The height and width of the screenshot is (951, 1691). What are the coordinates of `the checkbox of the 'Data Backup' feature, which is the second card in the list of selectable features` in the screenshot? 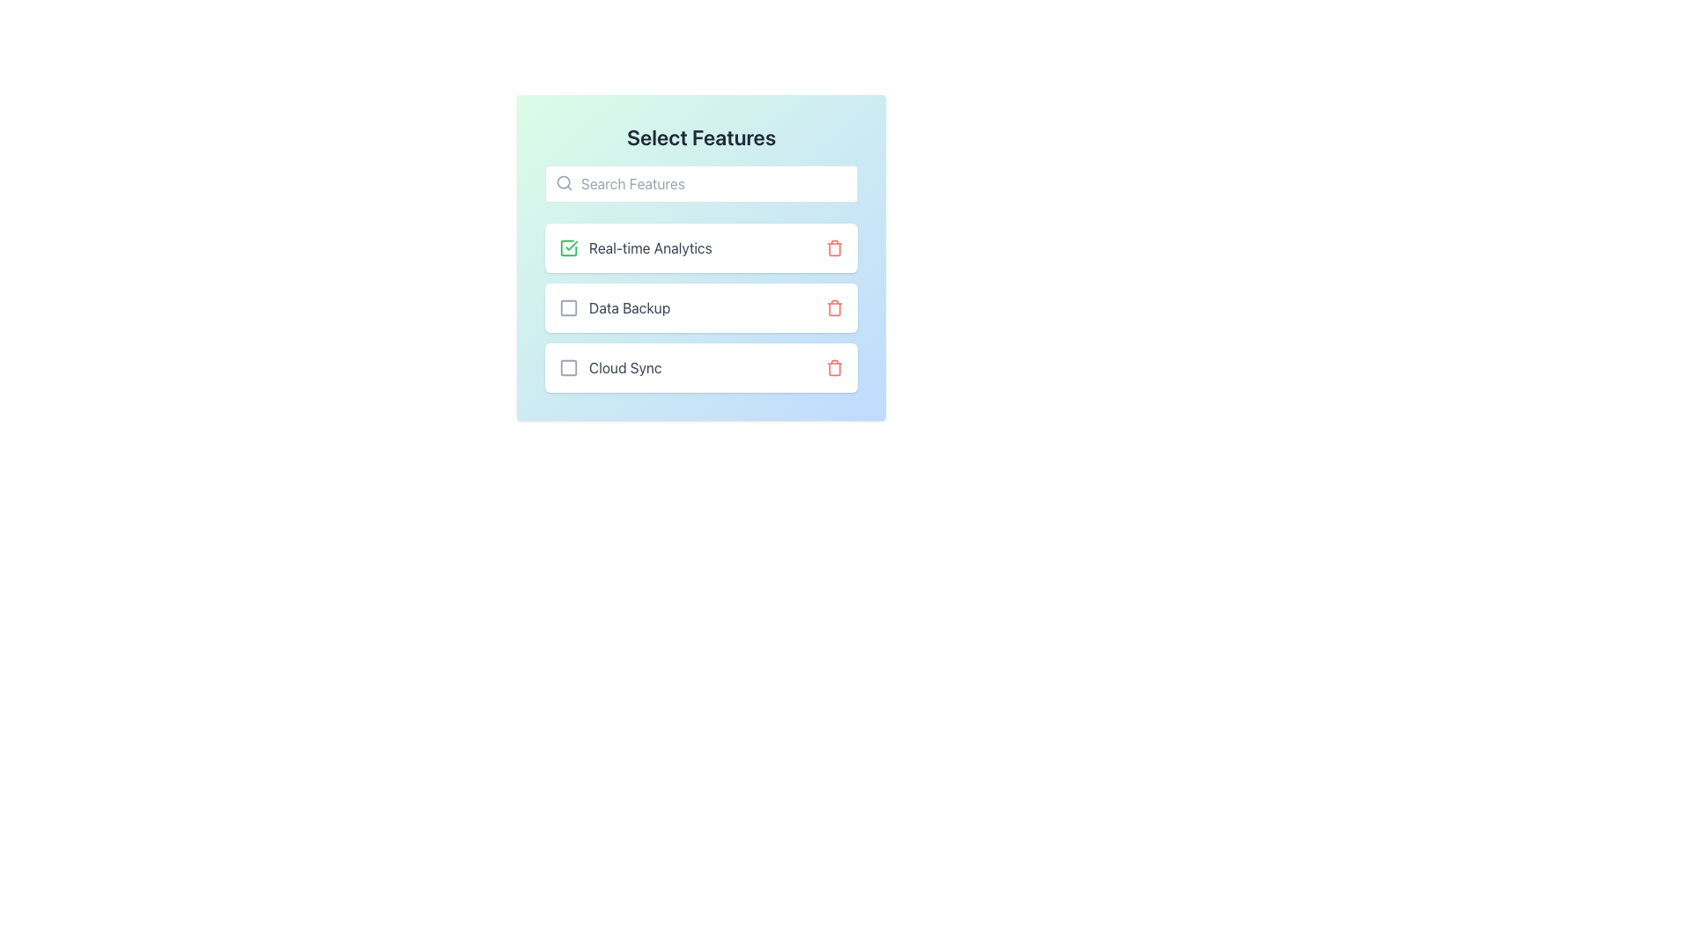 It's located at (700, 307).